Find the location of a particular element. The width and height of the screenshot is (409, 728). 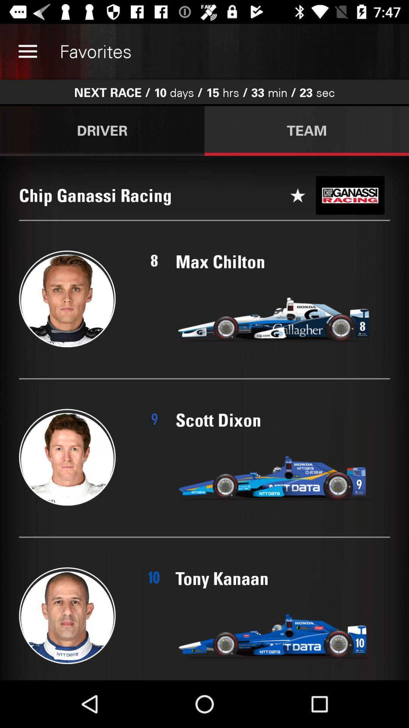

the item above driver icon is located at coordinates (27, 51).